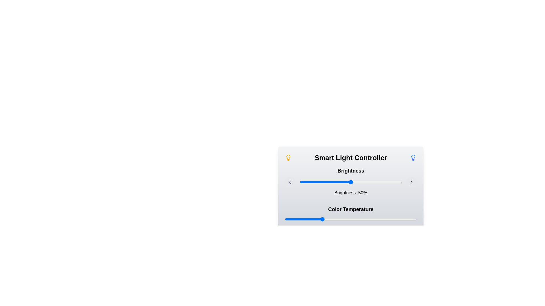 This screenshot has width=545, height=306. What do you see at coordinates (355, 219) in the screenshot?
I see `the color temperature` at bounding box center [355, 219].